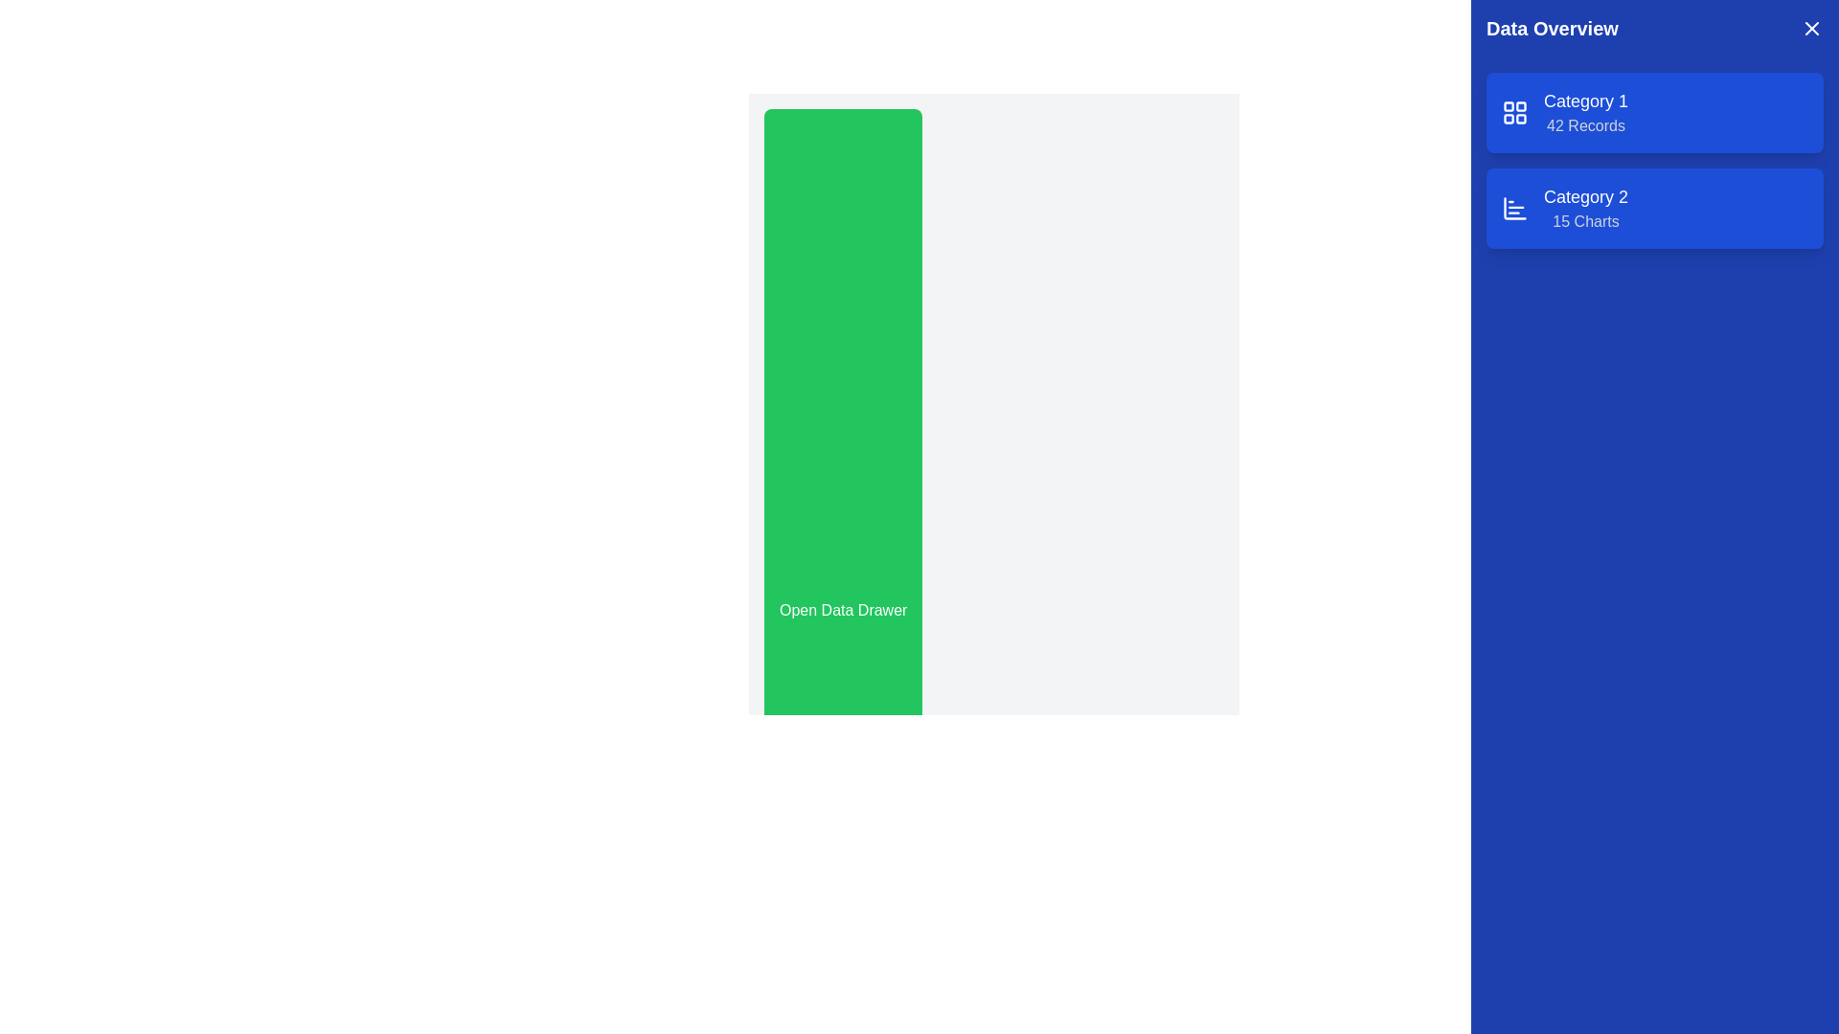  Describe the element at coordinates (842, 610) in the screenshot. I see `the 'Open Data Drawer' button to open the drawer` at that location.